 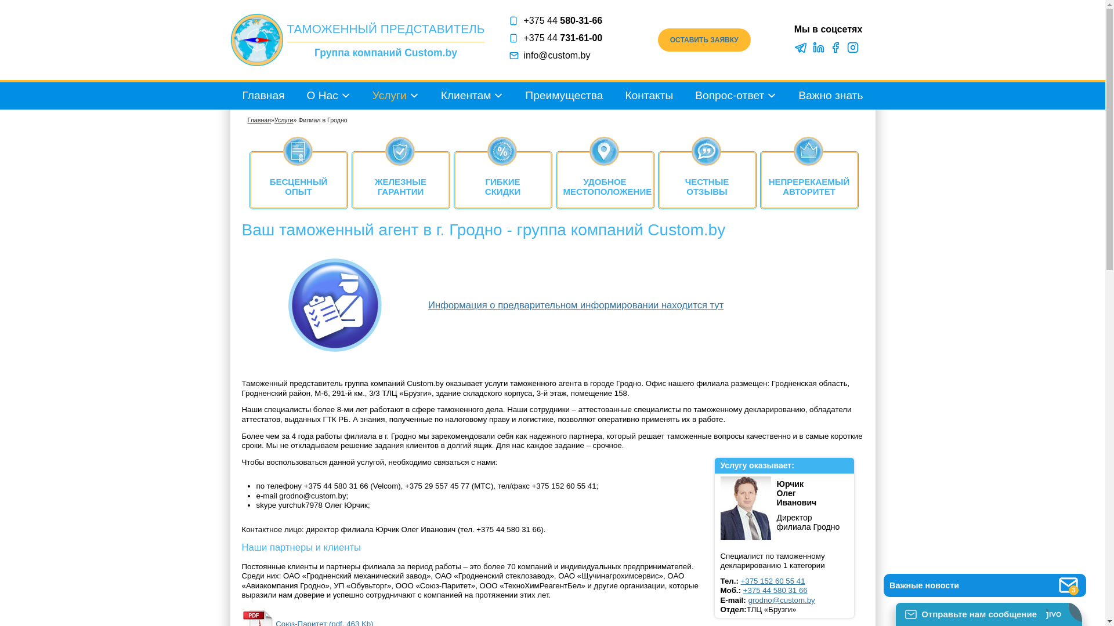 I want to click on 'info@custom.by', so click(x=566, y=56).